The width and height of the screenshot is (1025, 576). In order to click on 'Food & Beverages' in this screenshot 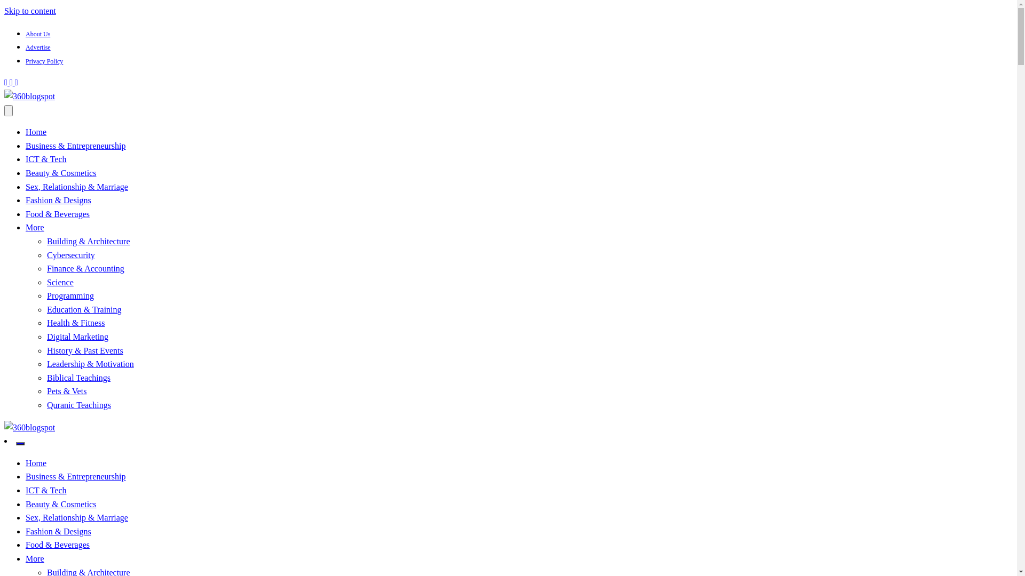, I will do `click(26, 545)`.